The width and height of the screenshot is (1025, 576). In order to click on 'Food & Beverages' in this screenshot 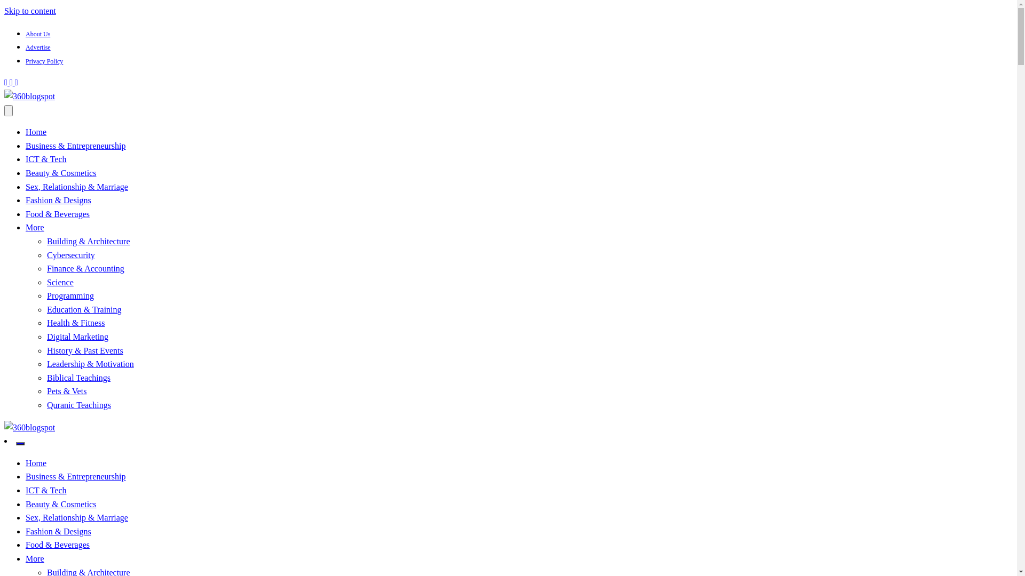, I will do `click(26, 545)`.